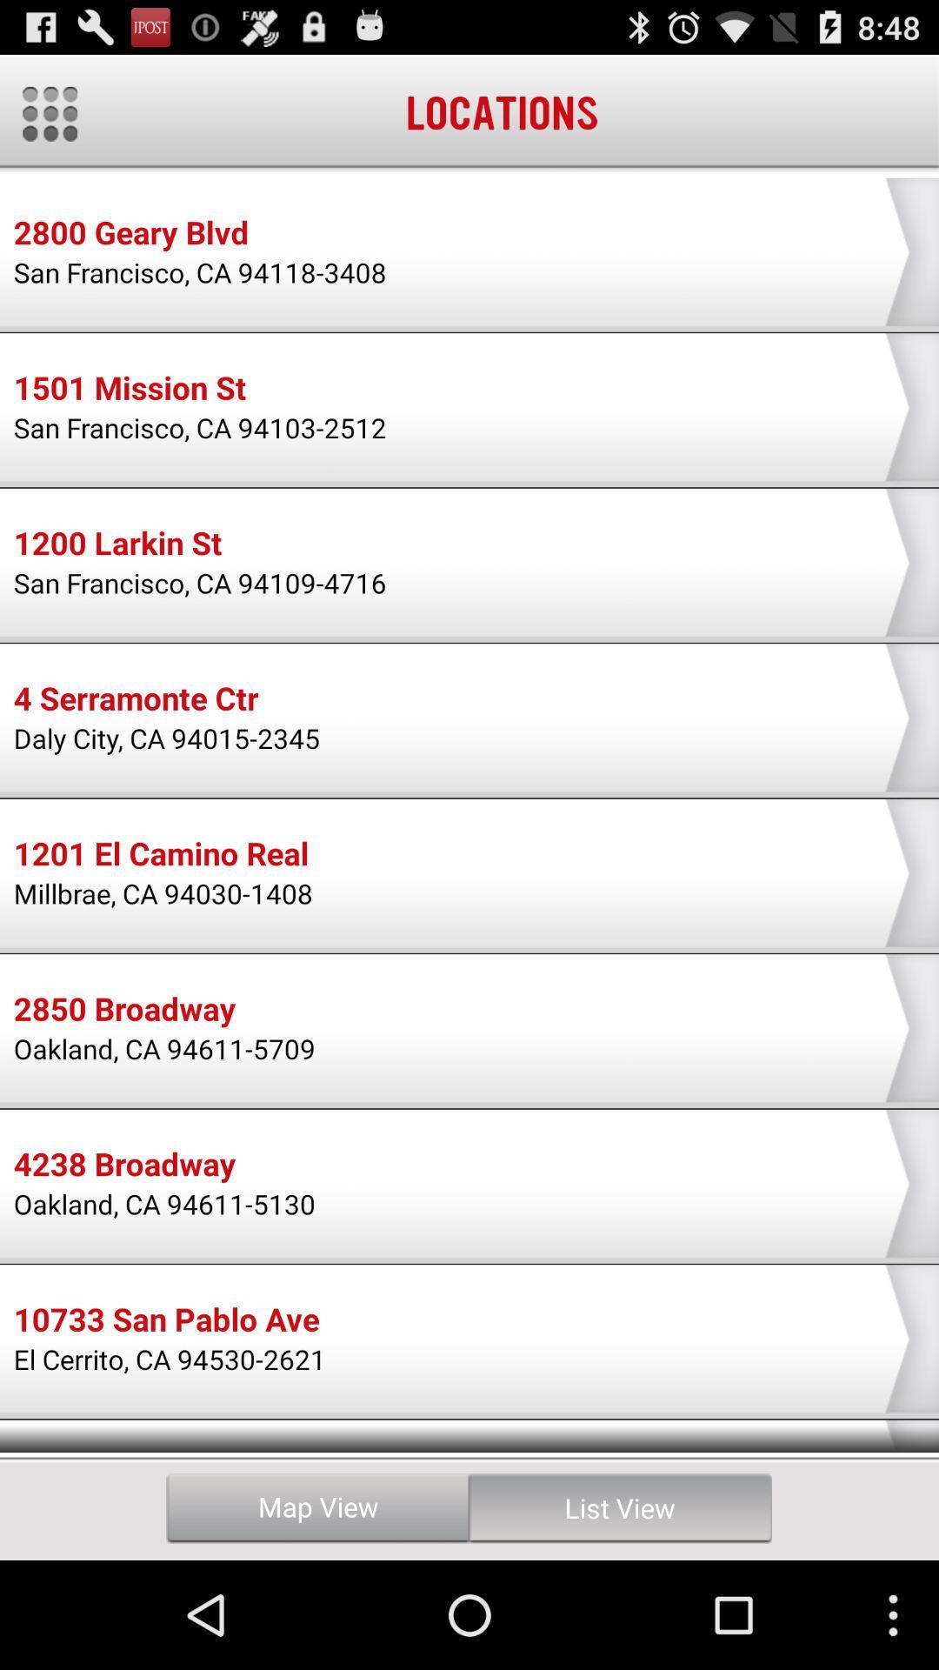 The image size is (939, 1670). I want to click on the millbrae ca 94030 item, so click(163, 893).